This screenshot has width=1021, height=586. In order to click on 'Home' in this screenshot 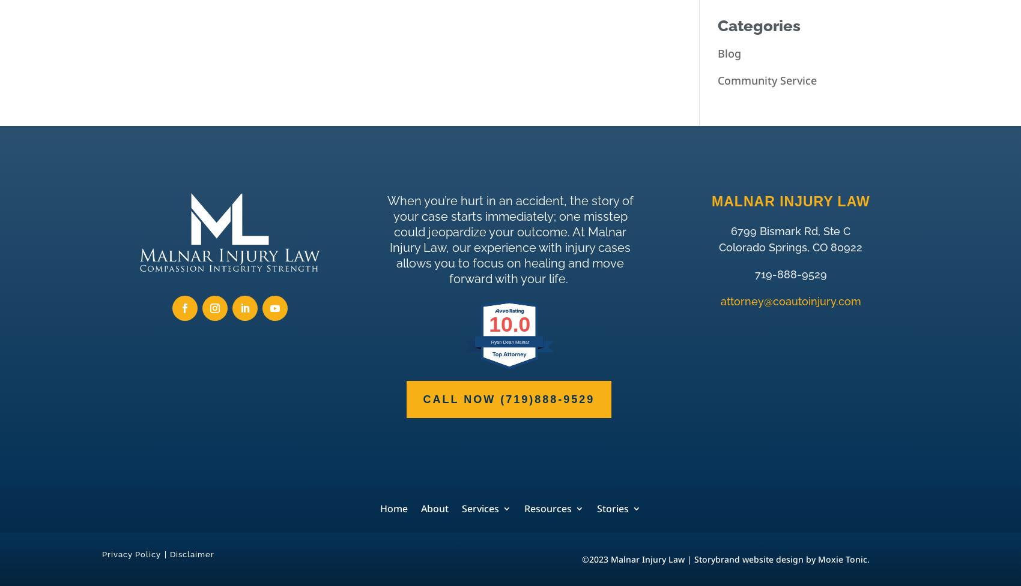, I will do `click(394, 507)`.